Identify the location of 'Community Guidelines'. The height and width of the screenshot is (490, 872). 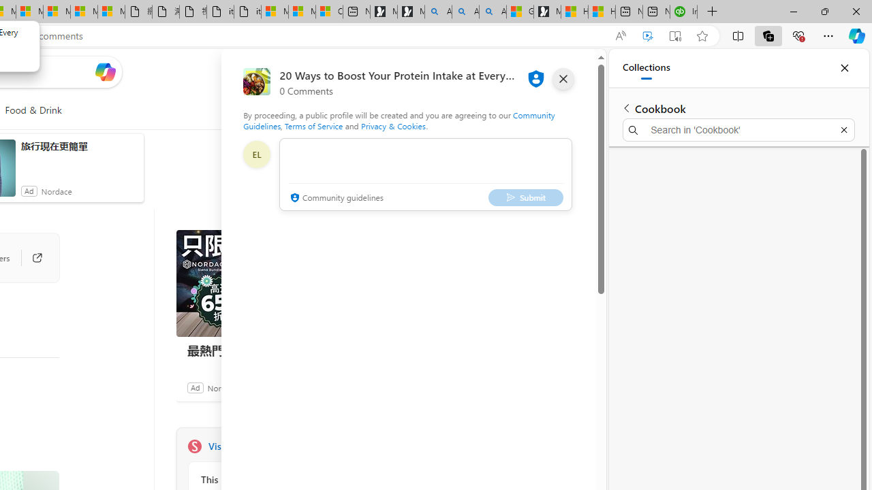
(399, 120).